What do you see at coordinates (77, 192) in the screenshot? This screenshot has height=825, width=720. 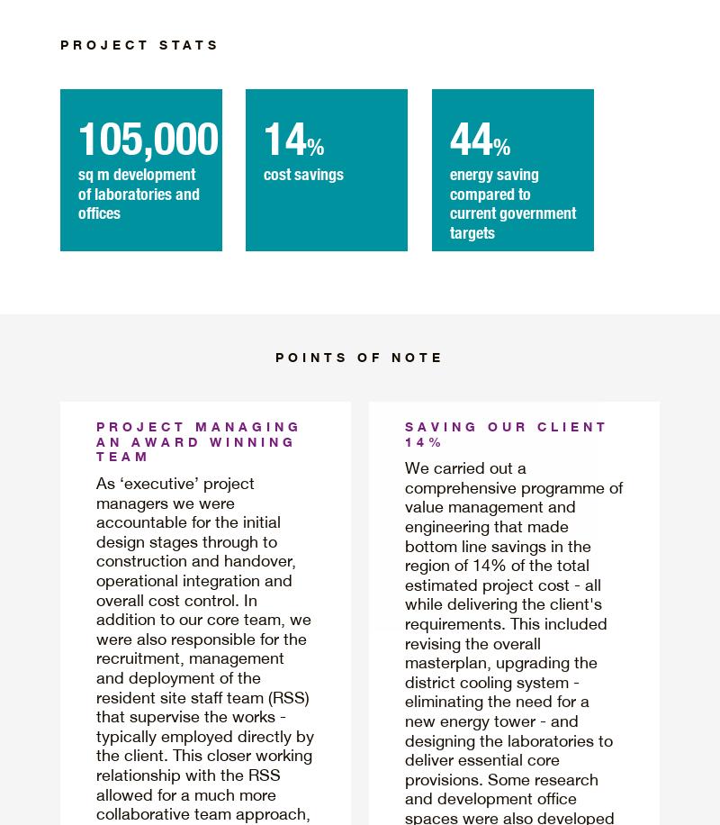 I see `'sq m development of laboratories and offices'` at bounding box center [77, 192].